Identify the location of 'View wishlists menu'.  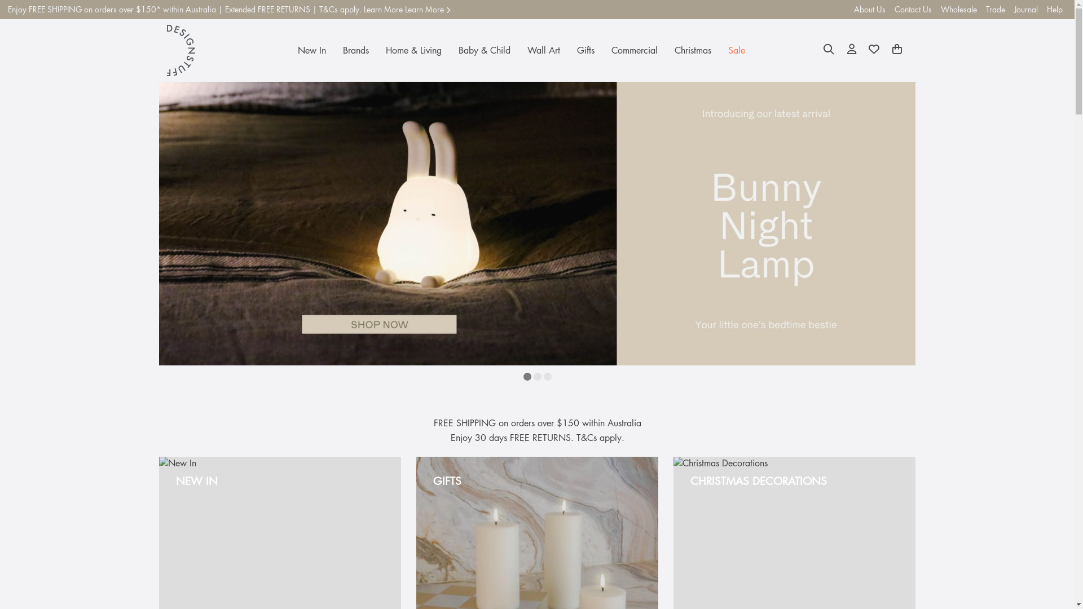
(874, 50).